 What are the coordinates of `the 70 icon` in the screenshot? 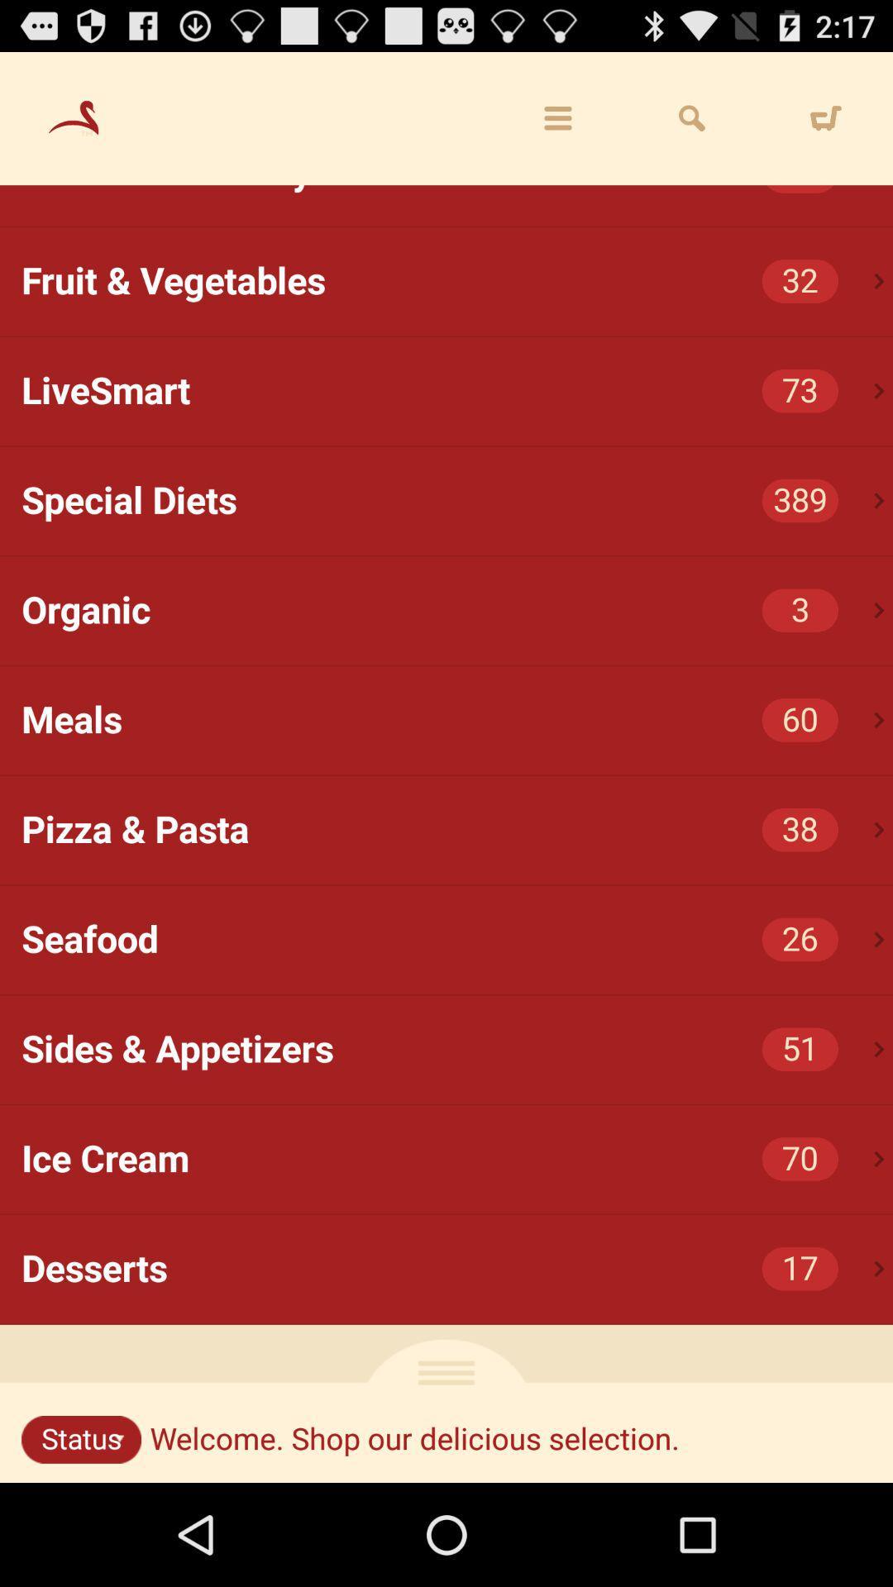 It's located at (799, 1158).